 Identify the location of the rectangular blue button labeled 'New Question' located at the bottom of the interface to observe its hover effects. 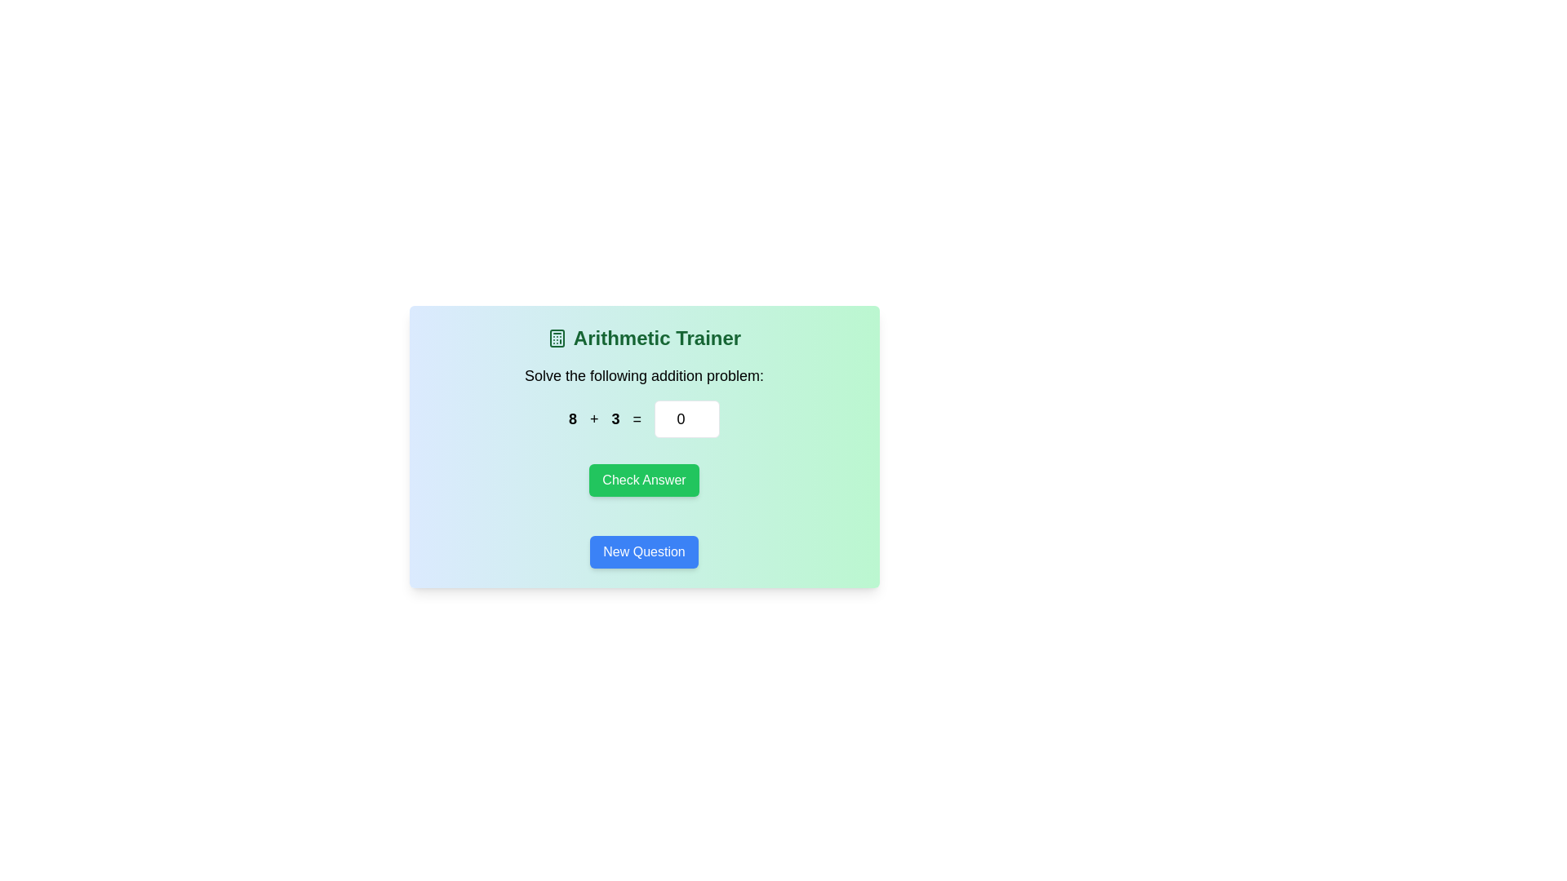
(643, 551).